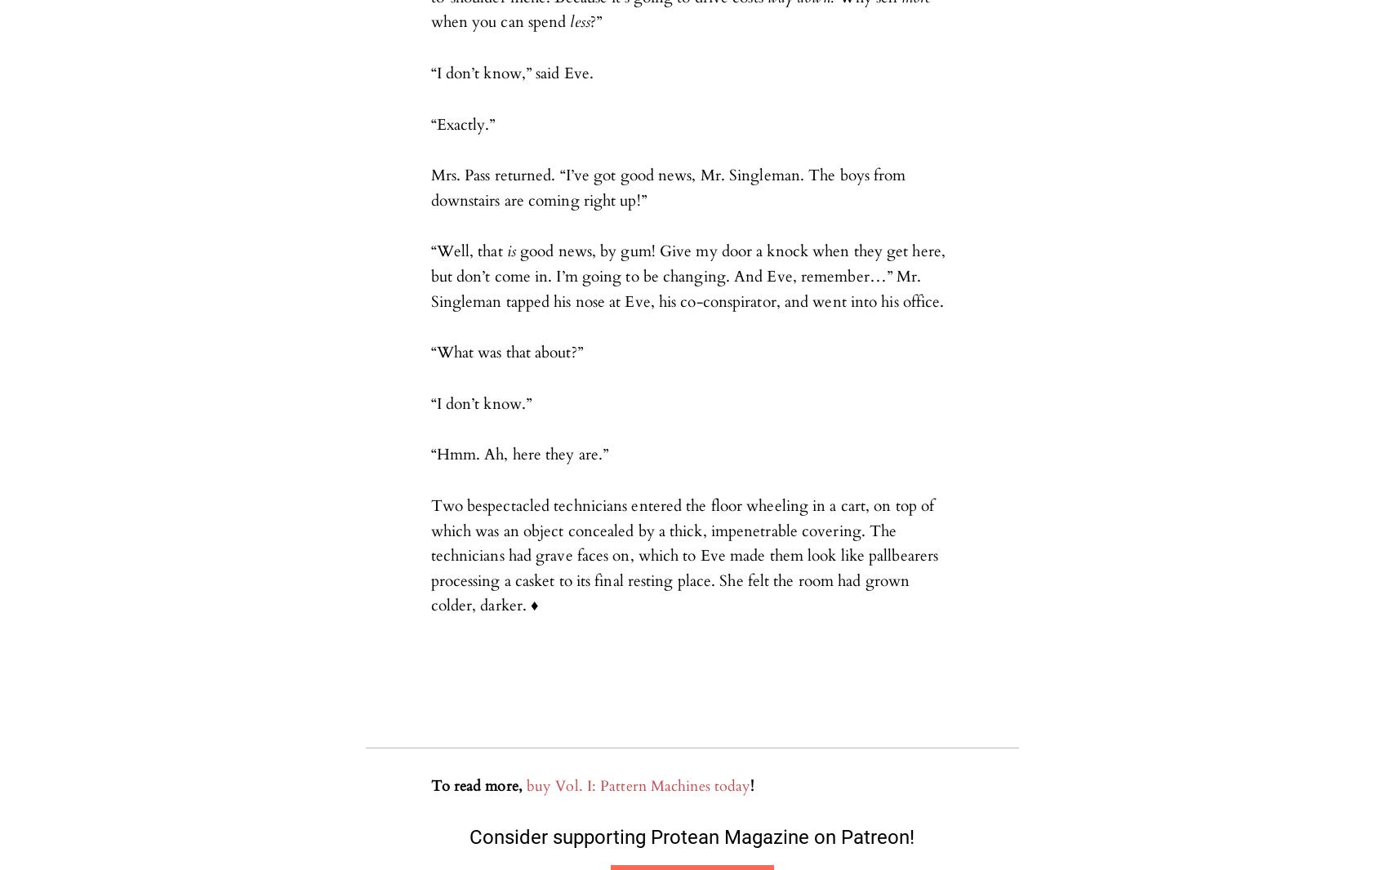 The width and height of the screenshot is (1384, 870). I want to click on '“Well, that', so click(468, 251).